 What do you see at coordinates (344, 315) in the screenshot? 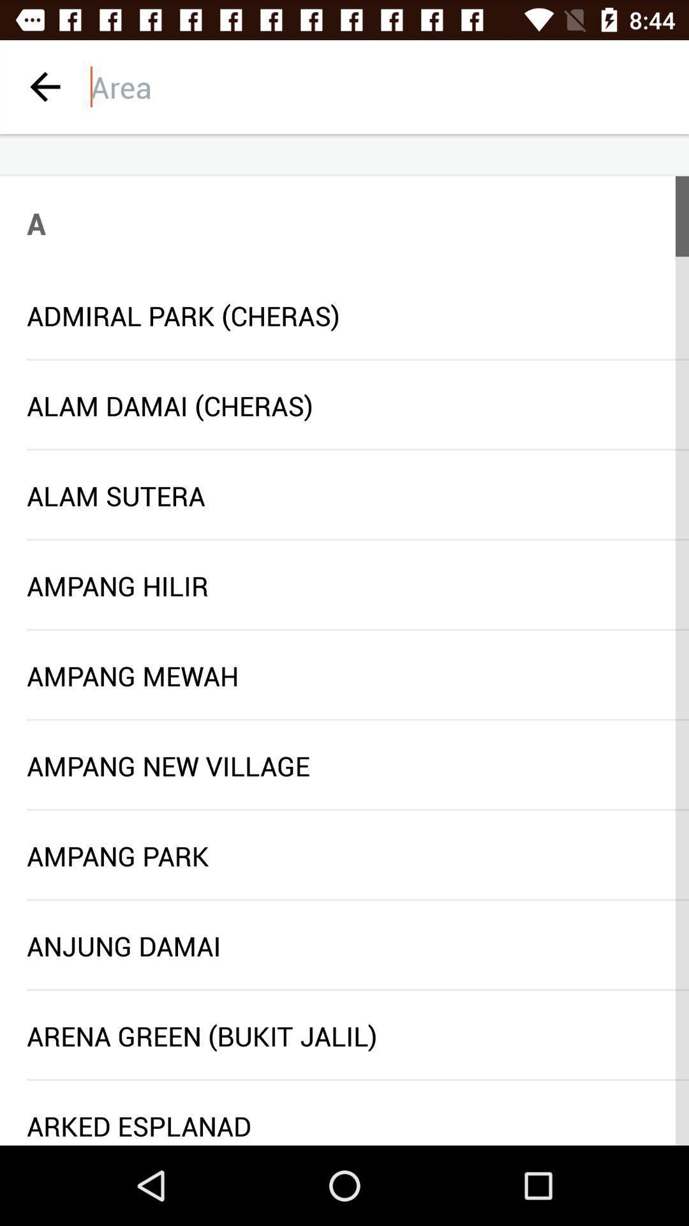
I see `admiral park (cheras) item` at bounding box center [344, 315].